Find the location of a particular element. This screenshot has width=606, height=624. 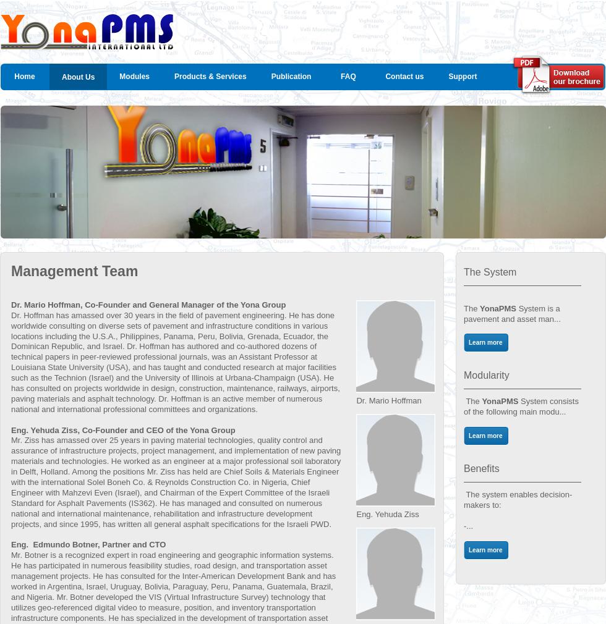

'Dr. Mario Hoffman, Co-Founder and General Manager of the Yona Group' is located at coordinates (148, 304).